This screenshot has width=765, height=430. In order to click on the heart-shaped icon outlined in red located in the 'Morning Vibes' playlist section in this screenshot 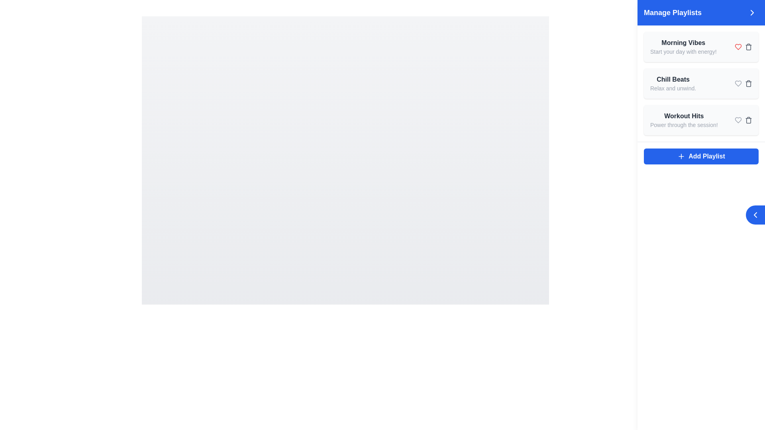, I will do `click(738, 47)`.